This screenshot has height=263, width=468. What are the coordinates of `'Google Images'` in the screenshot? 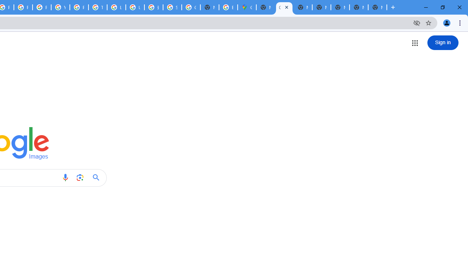 It's located at (283, 7).